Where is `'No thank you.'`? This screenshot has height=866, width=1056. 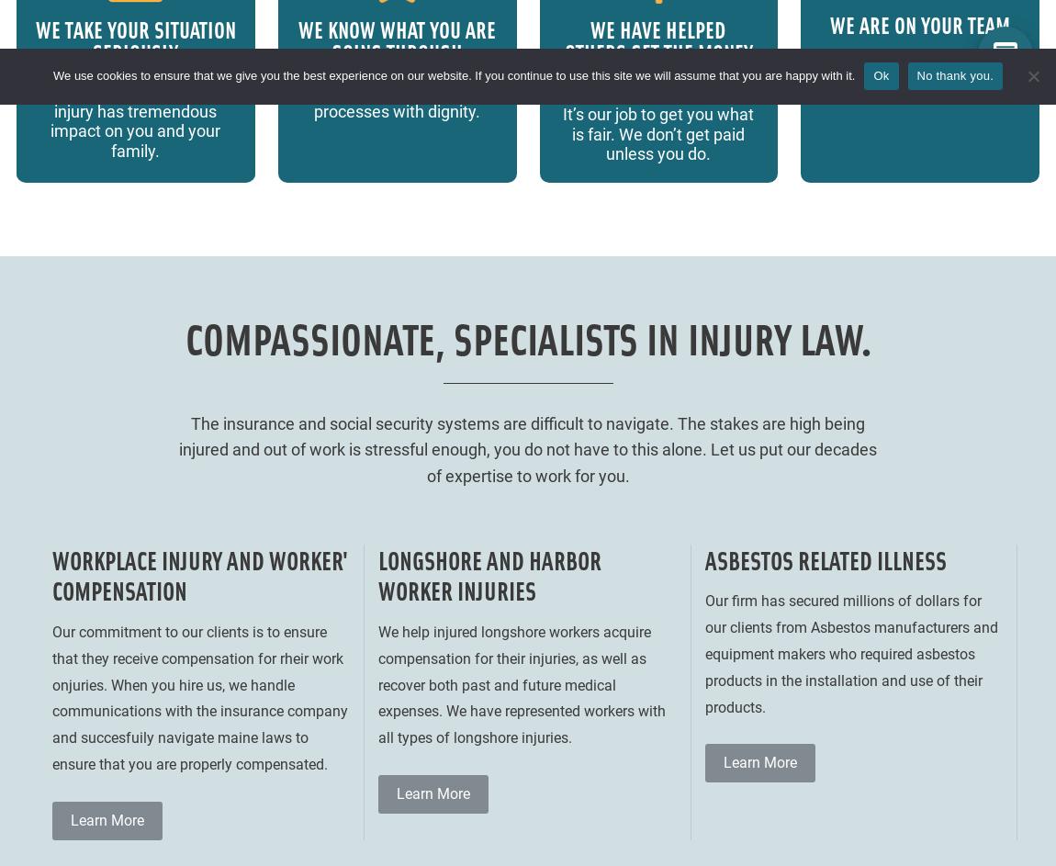 'No thank you.' is located at coordinates (954, 74).